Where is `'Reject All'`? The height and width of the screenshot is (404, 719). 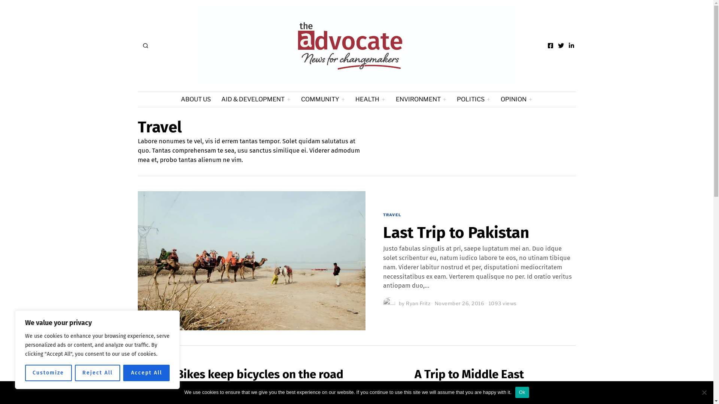 'Reject All' is located at coordinates (97, 373).